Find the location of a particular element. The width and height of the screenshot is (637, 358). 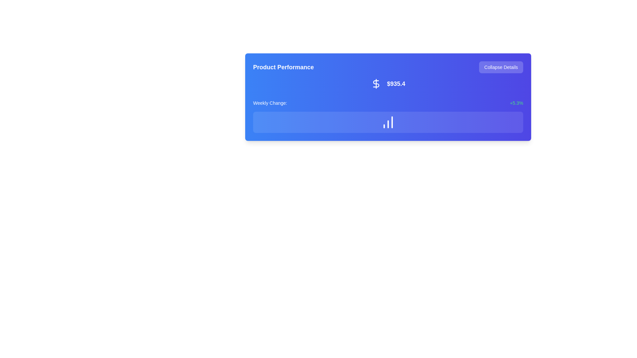

the icon representing a graphical summary or data visualization related to the week's changes, located in the bottom right corner of the 'Product Performance' card beneath the text 'Weekly Change' is located at coordinates (388, 122).